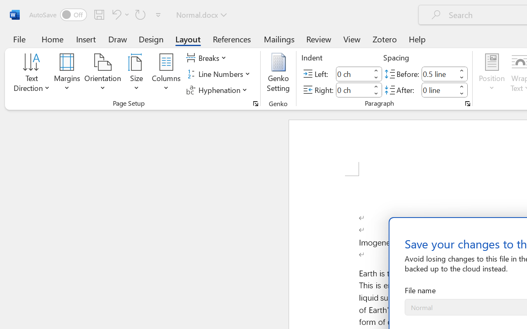 This screenshot has height=329, width=527. Describe the element at coordinates (353, 73) in the screenshot. I see `'Indent Left'` at that location.